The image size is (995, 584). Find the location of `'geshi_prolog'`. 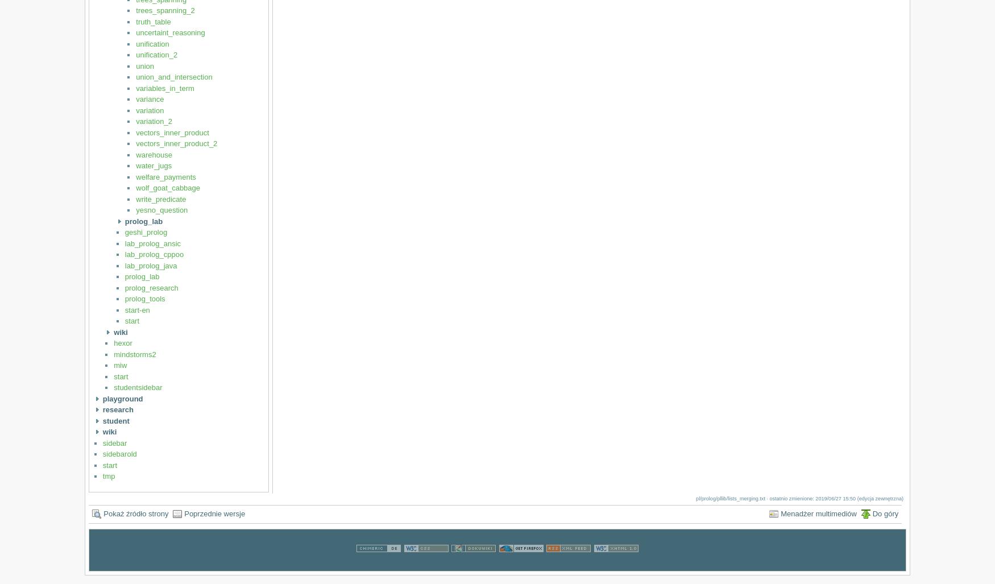

'geshi_prolog' is located at coordinates (145, 231).